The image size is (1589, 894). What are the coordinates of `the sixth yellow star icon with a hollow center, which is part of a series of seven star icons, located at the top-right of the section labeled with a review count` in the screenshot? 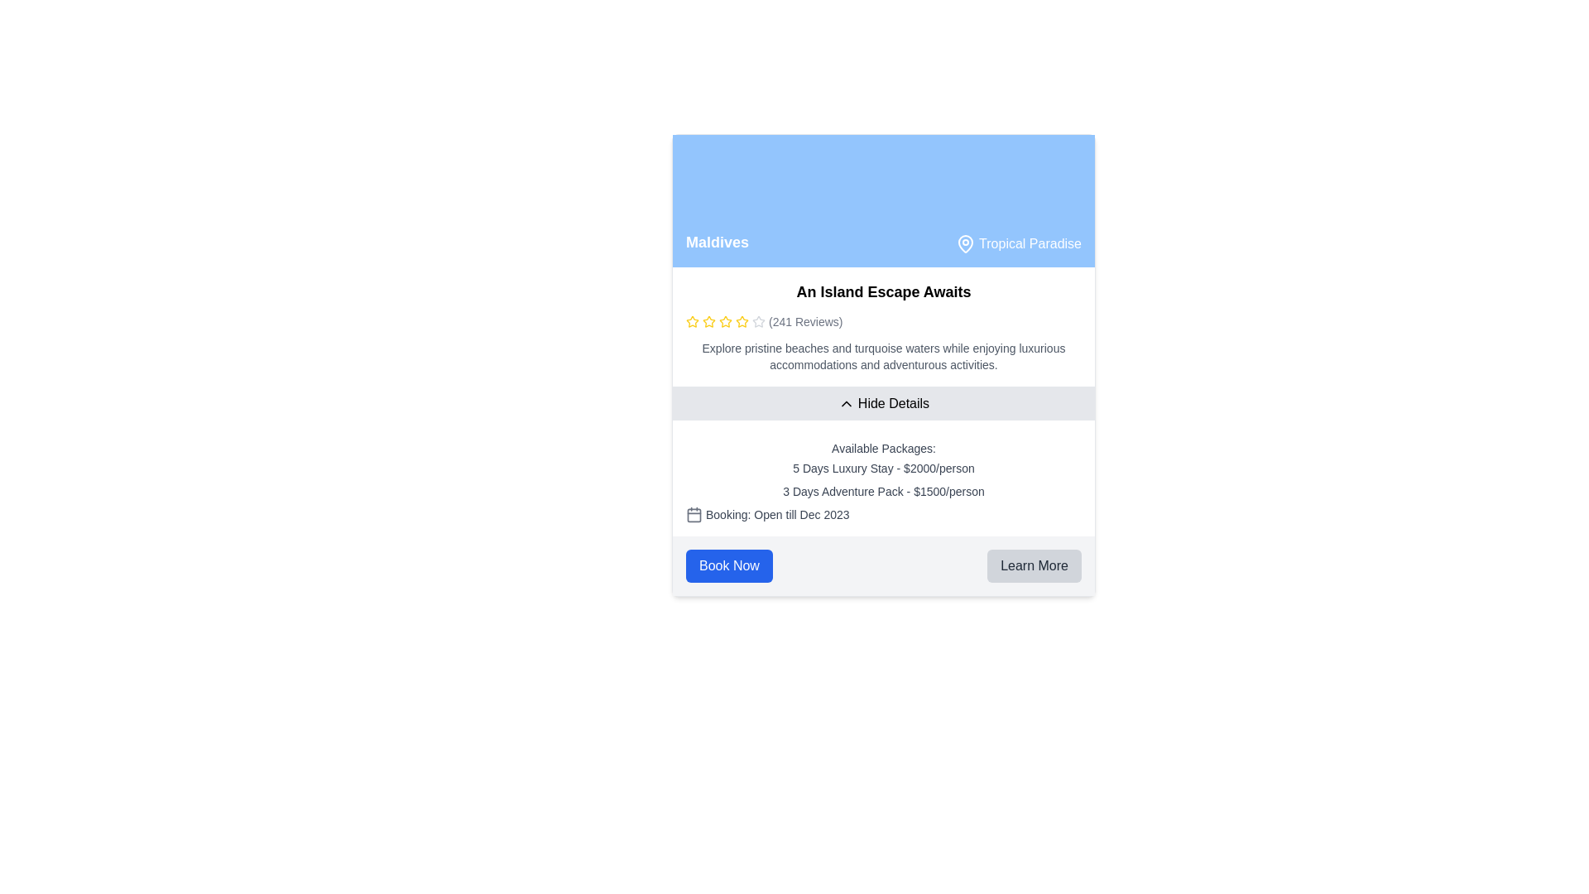 It's located at (742, 322).